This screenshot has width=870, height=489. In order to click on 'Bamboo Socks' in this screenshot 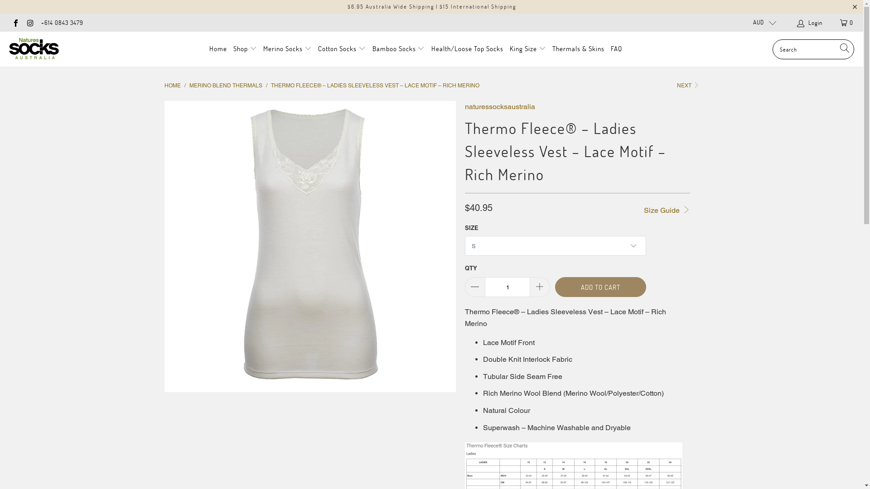, I will do `click(398, 49)`.